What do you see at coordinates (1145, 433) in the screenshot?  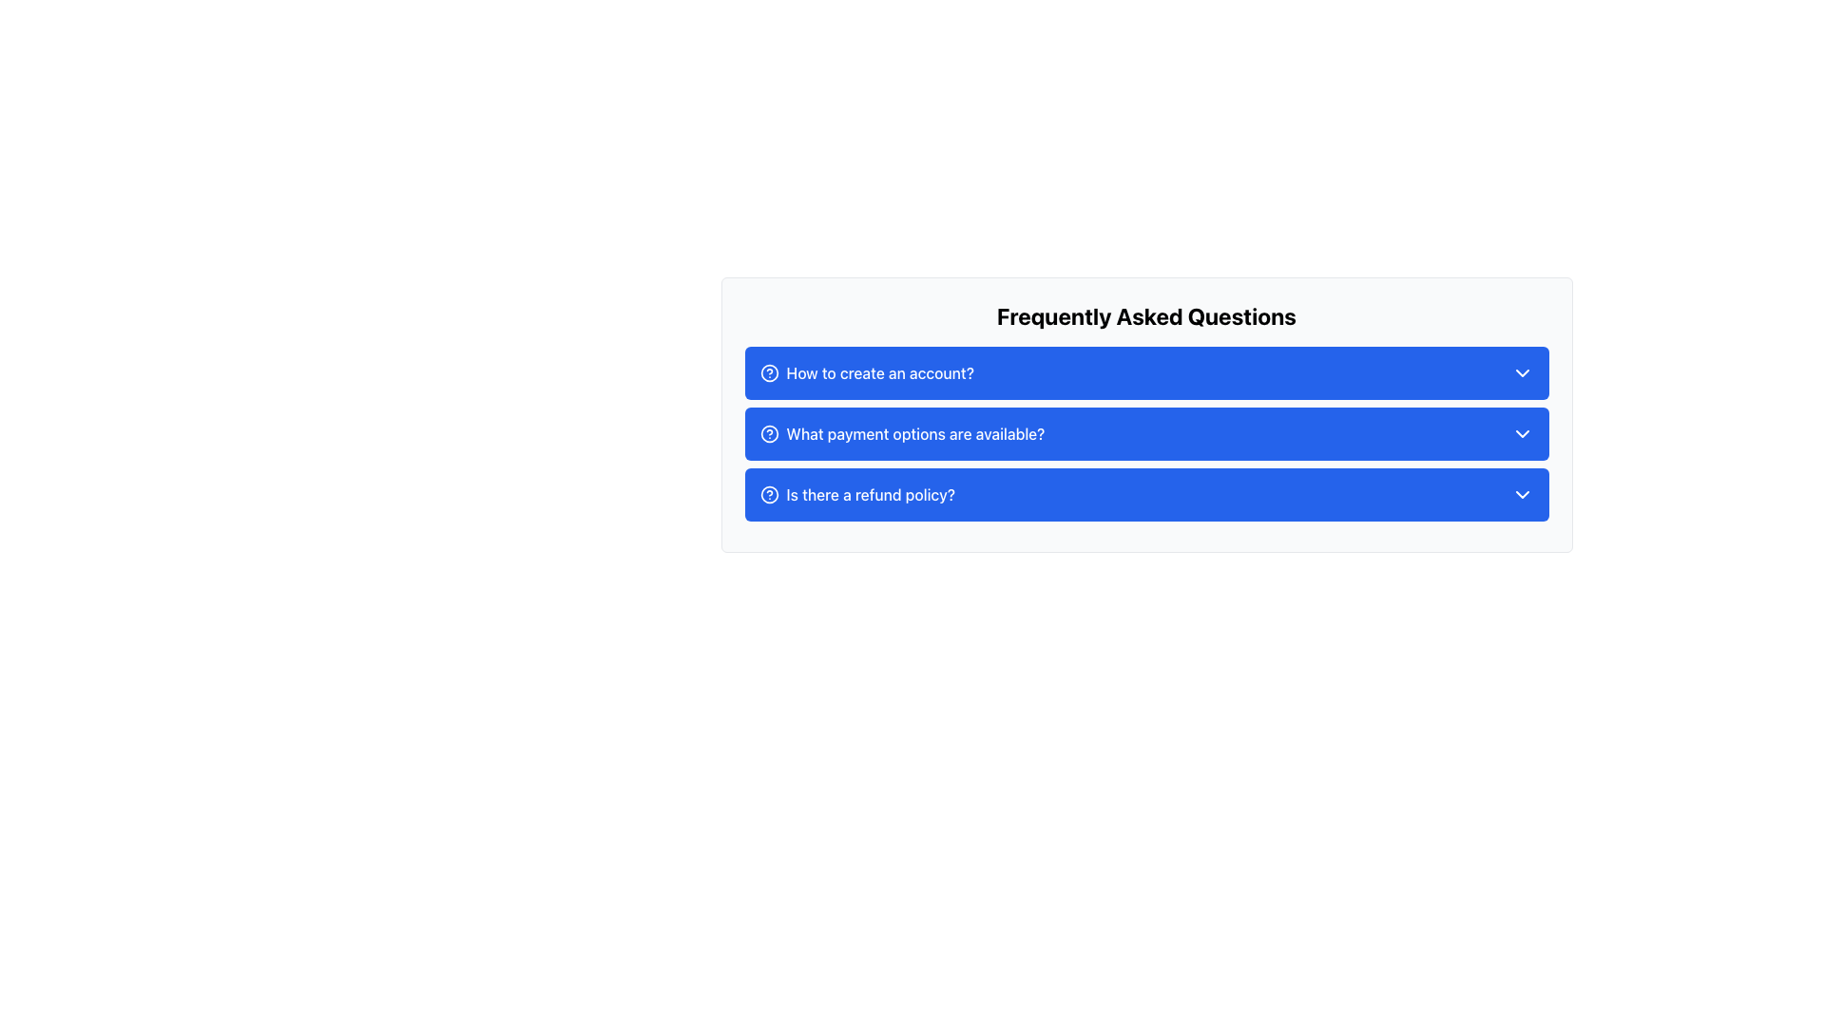 I see `the second FAQ Toggle Item located between 'How to create an account?' and 'Is there a refund policy?'` at bounding box center [1145, 433].